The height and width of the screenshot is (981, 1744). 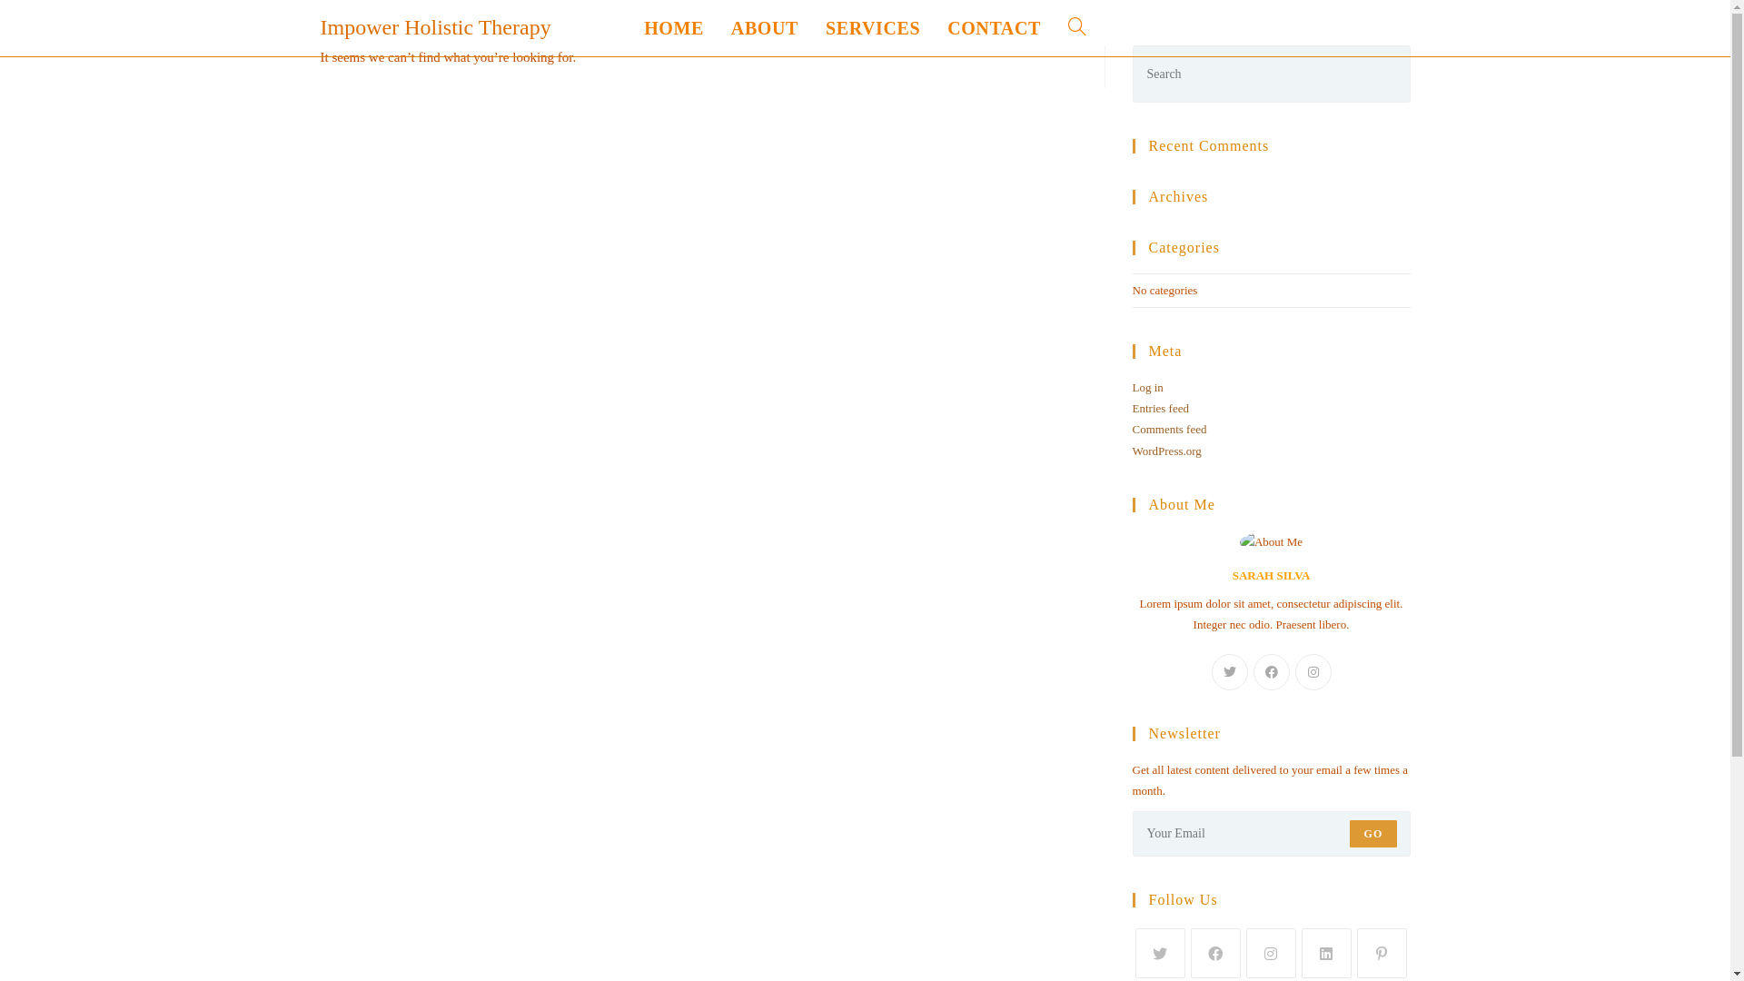 What do you see at coordinates (764, 27) in the screenshot?
I see `'ABOUT'` at bounding box center [764, 27].